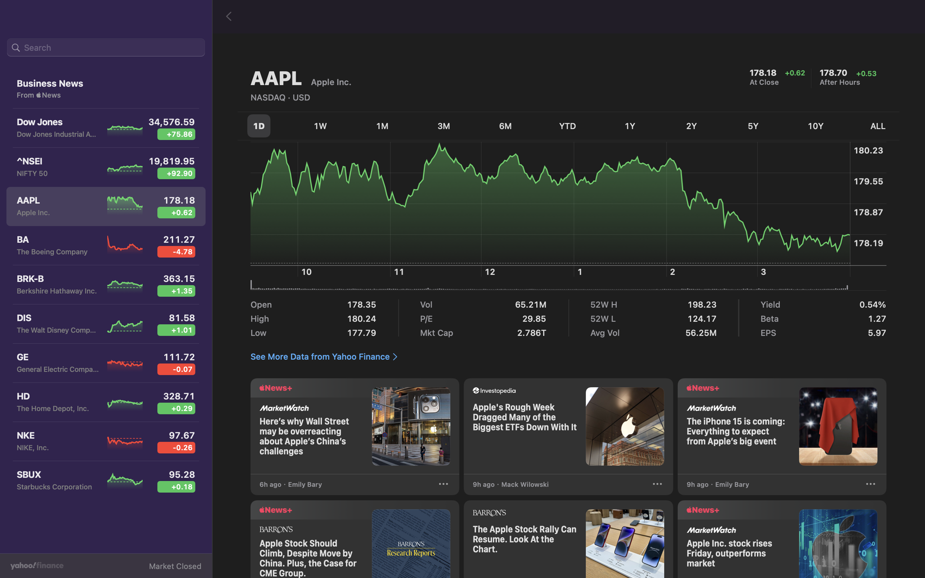 The width and height of the screenshot is (925, 578). Describe the element at coordinates (873, 127) in the screenshot. I see `the variations in stock for the complete dataset` at that location.